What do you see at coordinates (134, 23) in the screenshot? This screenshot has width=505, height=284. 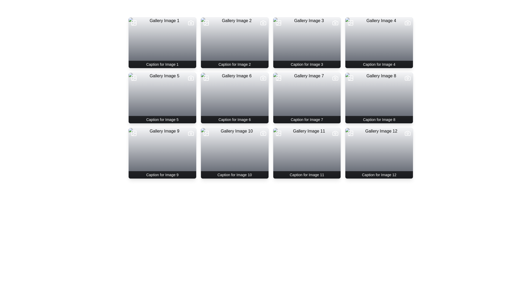 I see `icon located in the top-left corner of the 'Gallery Image 1' card, which symbolizes an image-related feature` at bounding box center [134, 23].